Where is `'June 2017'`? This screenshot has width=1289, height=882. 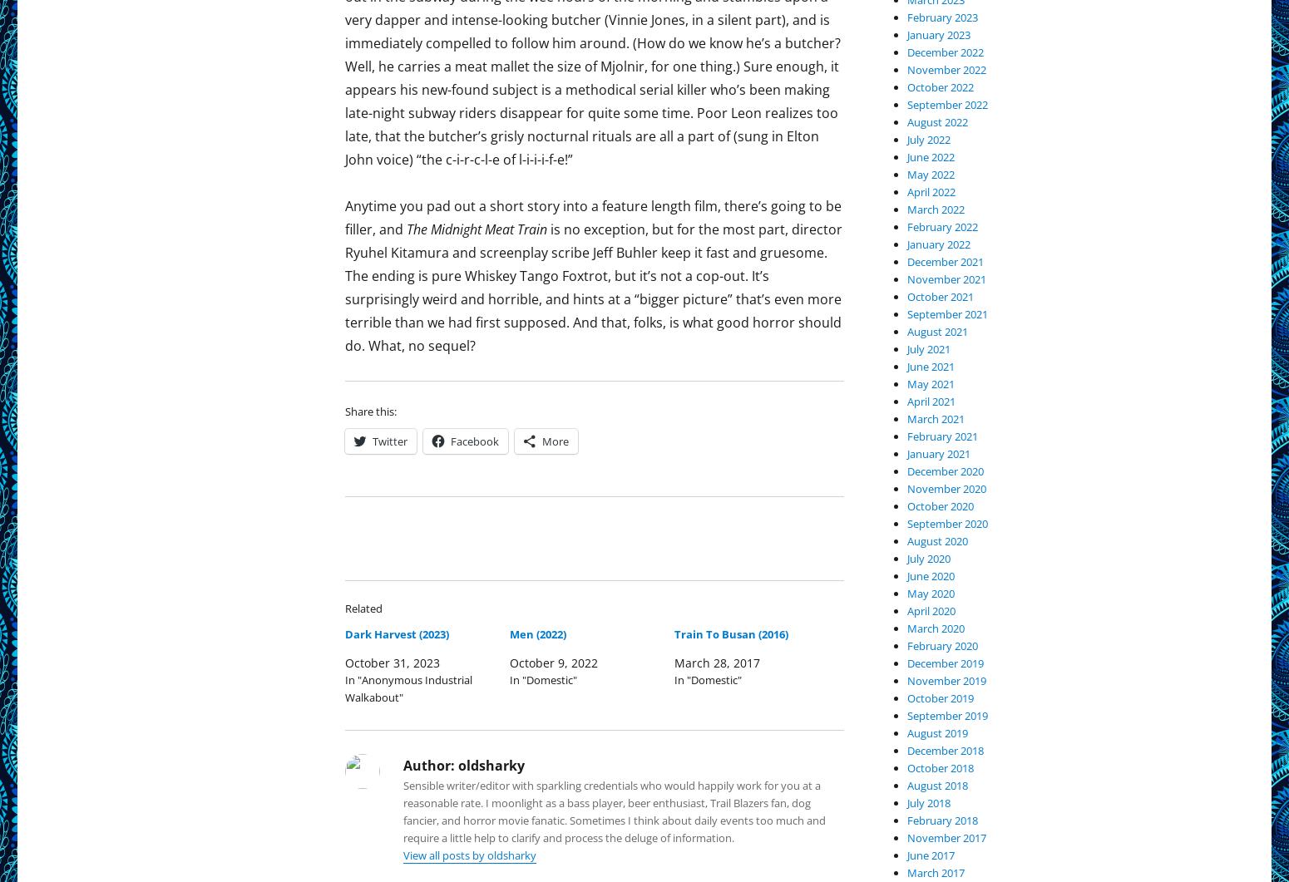 'June 2017' is located at coordinates (930, 854).